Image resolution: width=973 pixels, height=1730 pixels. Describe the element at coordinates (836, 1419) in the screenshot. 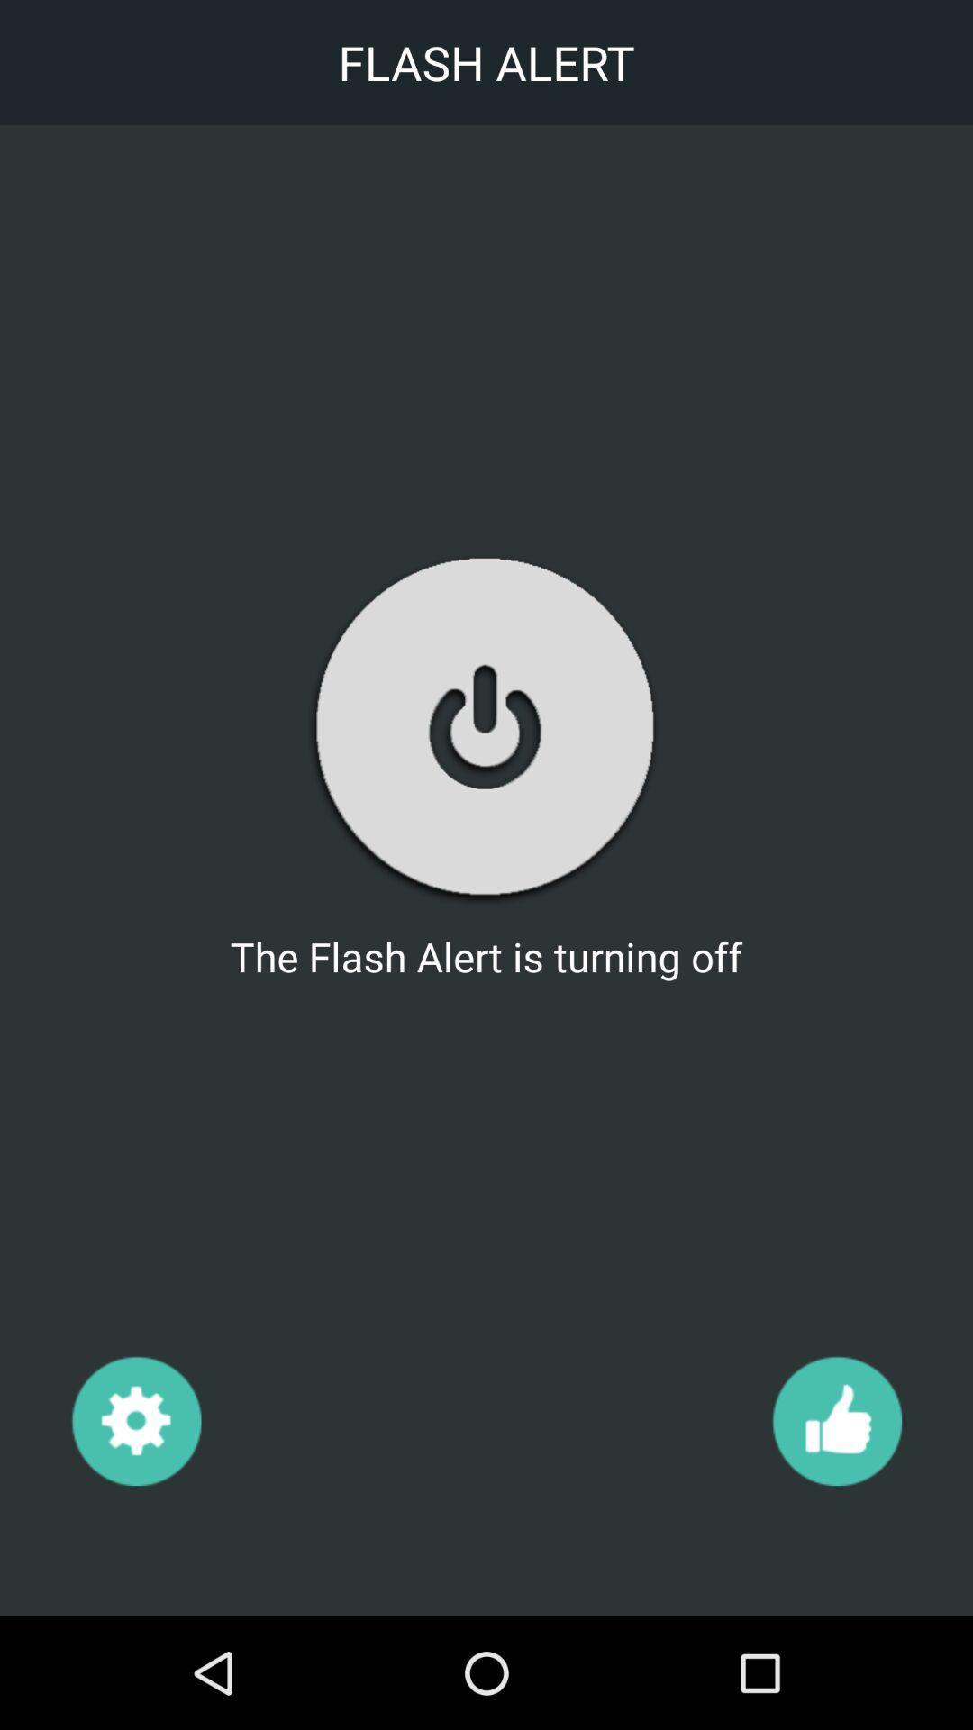

I see `icon at the bottom right corner` at that location.